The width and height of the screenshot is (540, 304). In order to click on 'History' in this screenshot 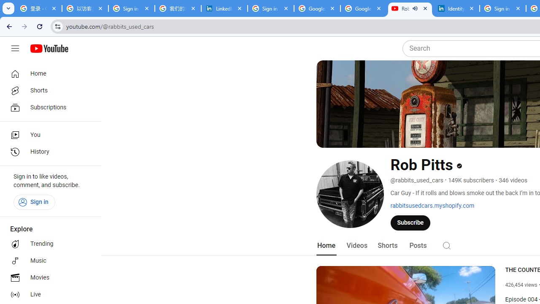, I will do `click(47, 152)`.